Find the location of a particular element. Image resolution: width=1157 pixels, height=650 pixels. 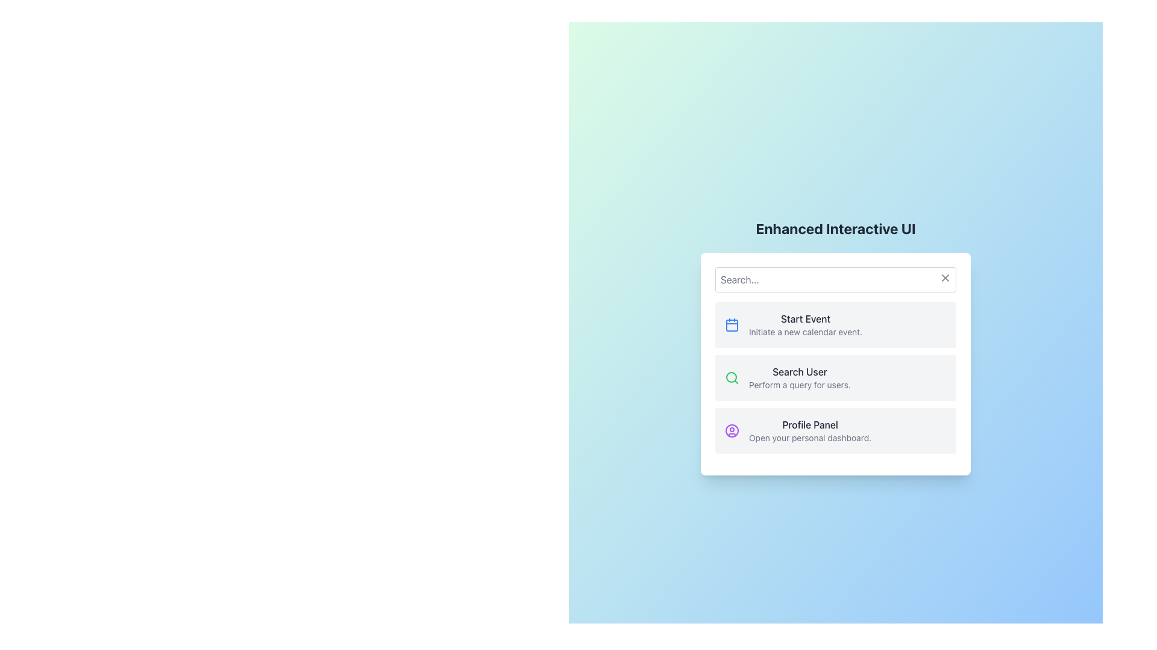

text from the 'Profile Panel' description block, which includes a bold title and a lighter subtitle, located within a card-like layout as the third item in a vertically stacked list is located at coordinates (810, 430).